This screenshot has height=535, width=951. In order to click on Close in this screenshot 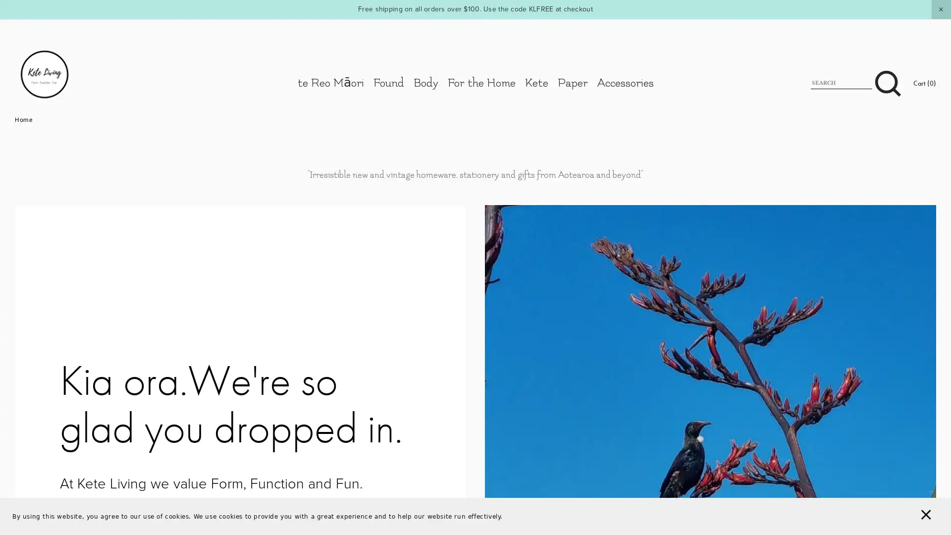, I will do `click(618, 170)`.